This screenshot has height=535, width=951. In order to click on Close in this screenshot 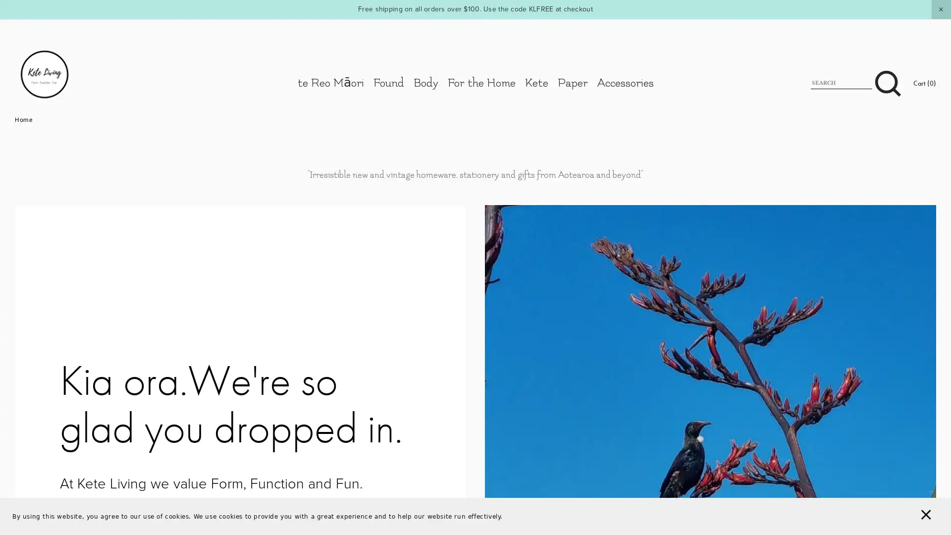, I will do `click(618, 170)`.